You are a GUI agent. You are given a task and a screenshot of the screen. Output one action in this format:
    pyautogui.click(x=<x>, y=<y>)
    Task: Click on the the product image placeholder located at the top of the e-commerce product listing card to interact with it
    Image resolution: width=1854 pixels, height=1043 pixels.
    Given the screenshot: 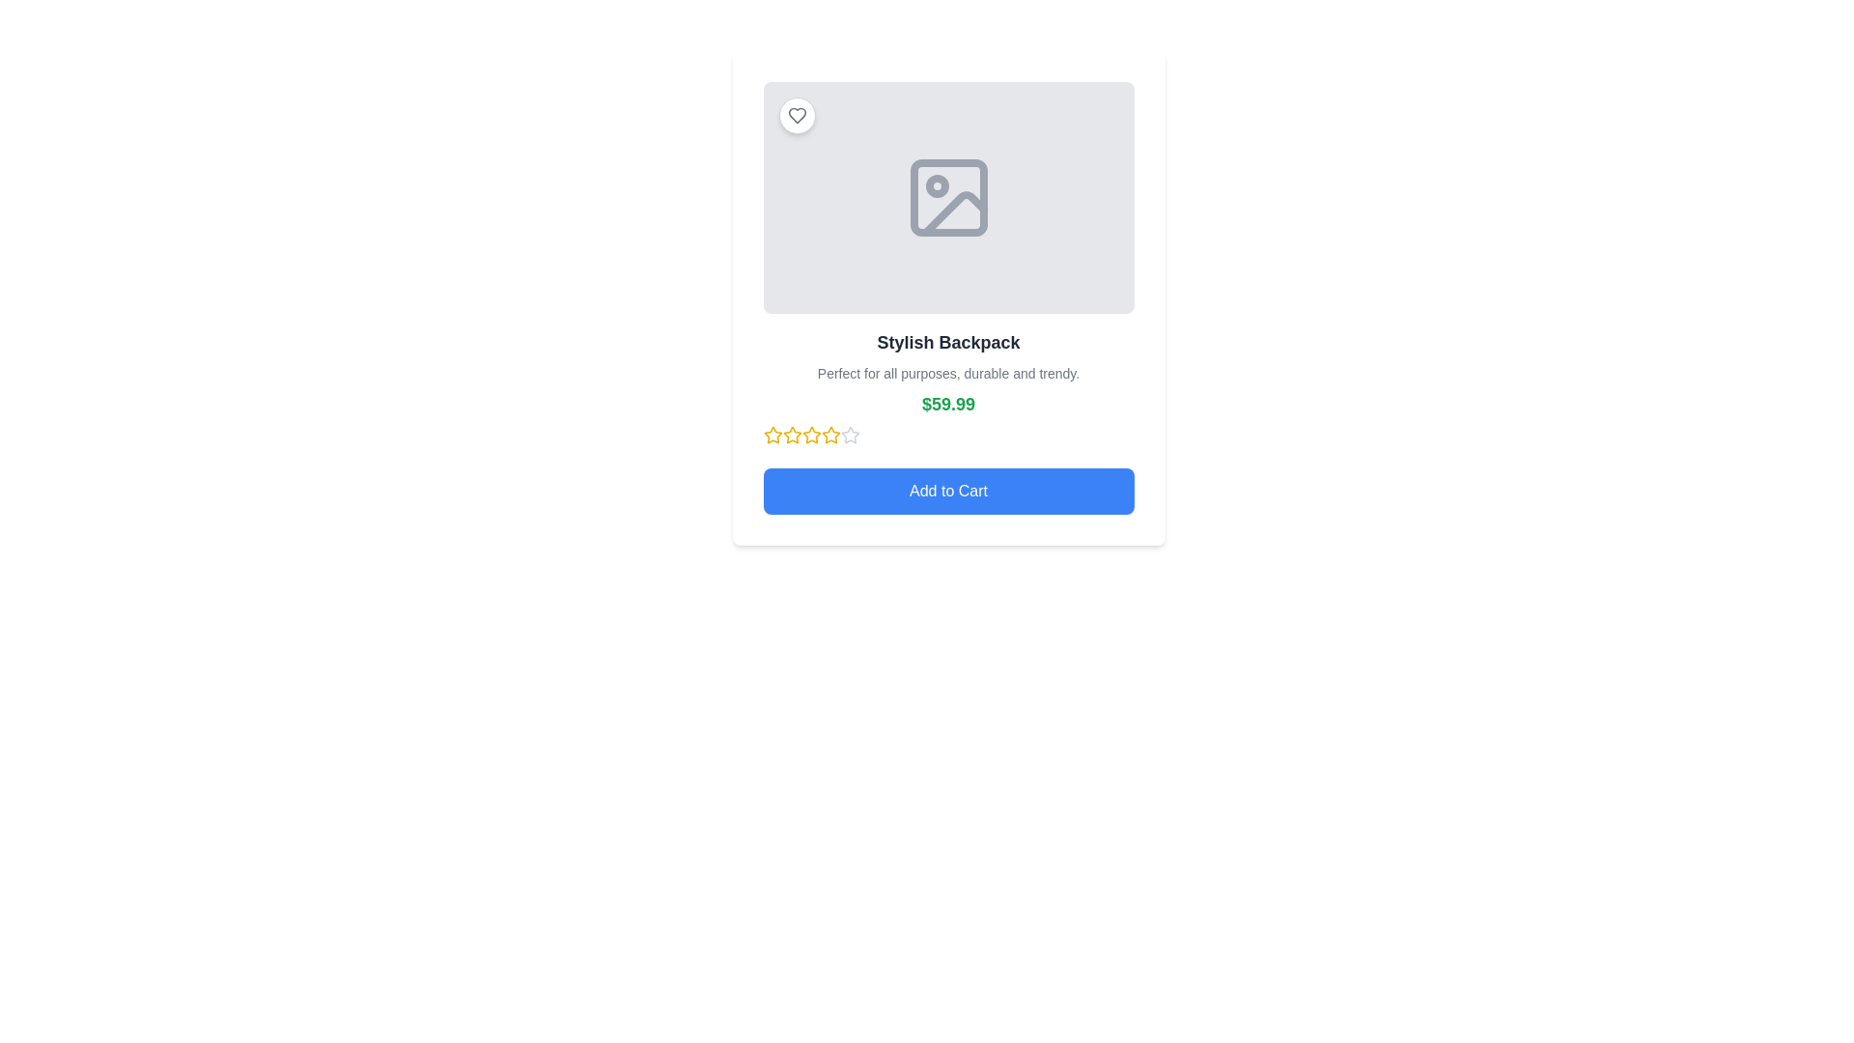 What is the action you would take?
    pyautogui.click(x=948, y=197)
    